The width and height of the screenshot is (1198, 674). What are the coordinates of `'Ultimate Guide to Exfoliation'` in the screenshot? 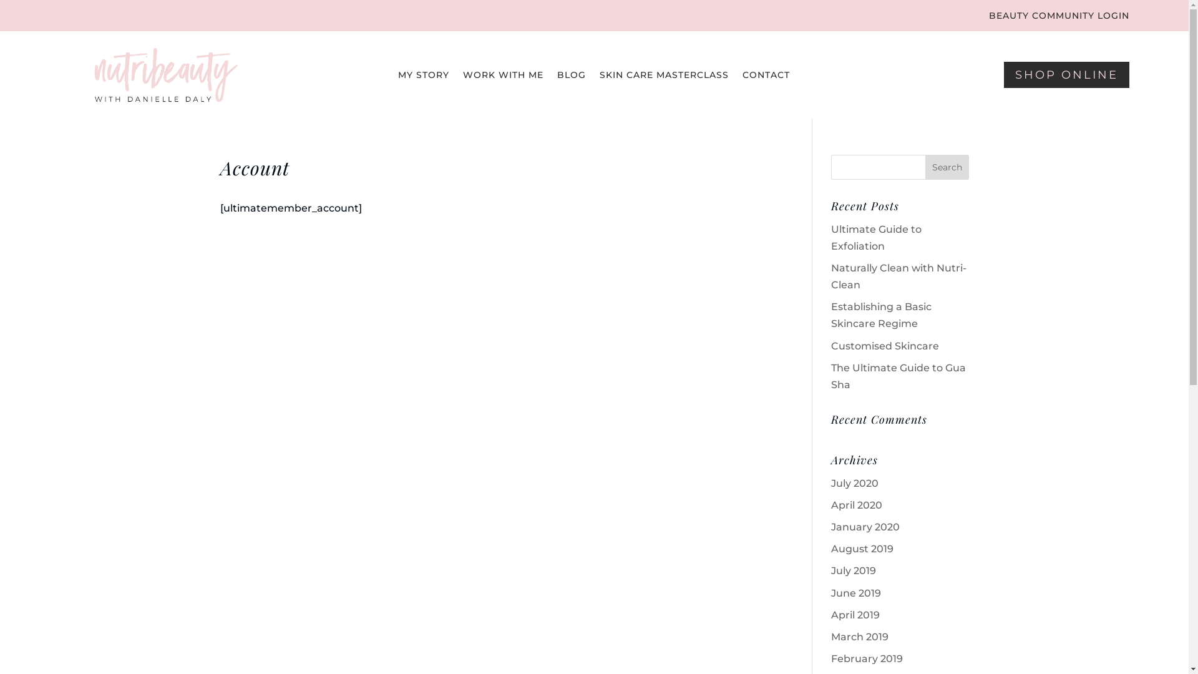 It's located at (875, 238).